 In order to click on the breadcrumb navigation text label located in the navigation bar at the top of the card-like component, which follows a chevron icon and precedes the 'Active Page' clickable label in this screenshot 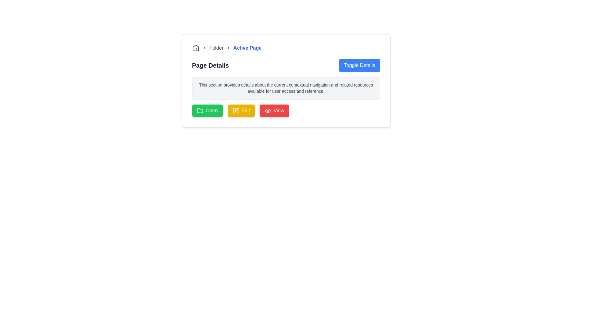, I will do `click(216, 47)`.